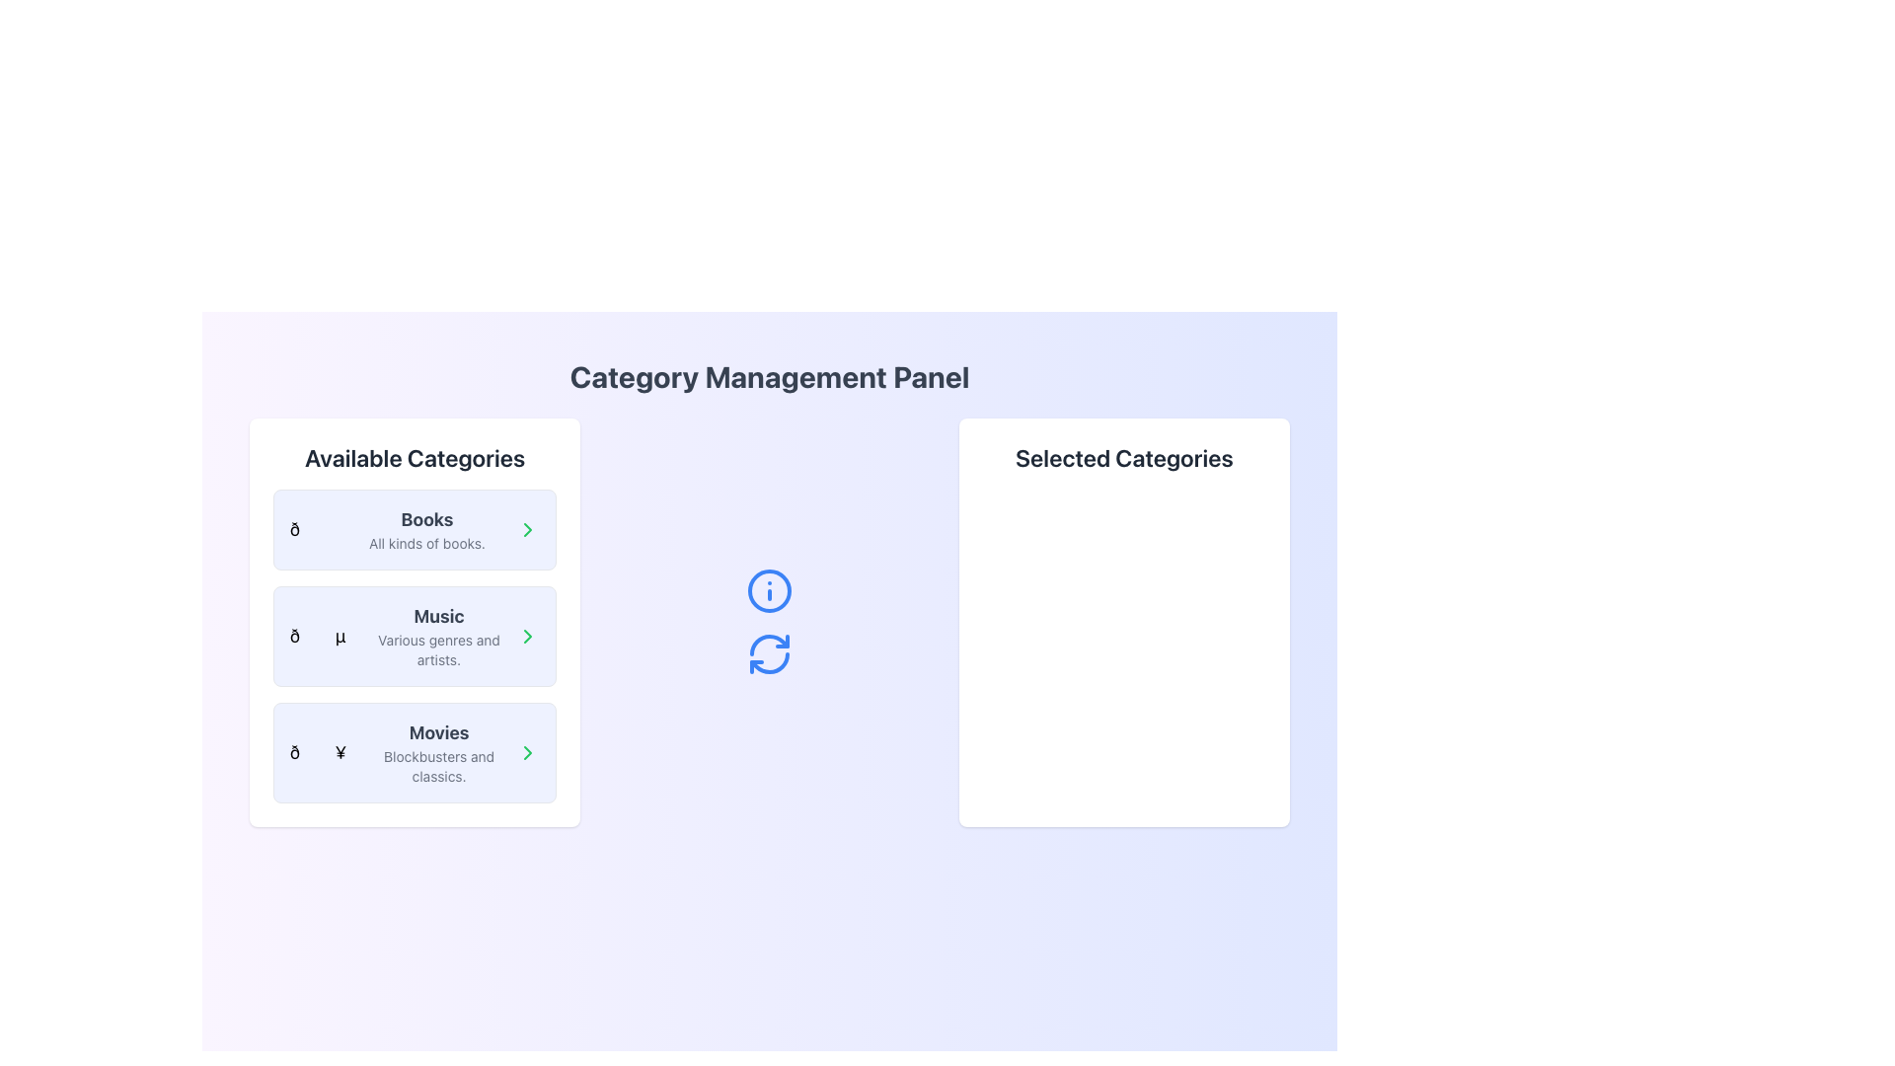 The image size is (1895, 1066). Describe the element at coordinates (437, 650) in the screenshot. I see `the text label that reads 'Various genres and artists.' located beneath the 'Music' heading in the Music category section of the 'Available Categories' panel` at that location.